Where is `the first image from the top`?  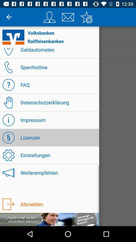 the first image from the top is located at coordinates (49, 17).